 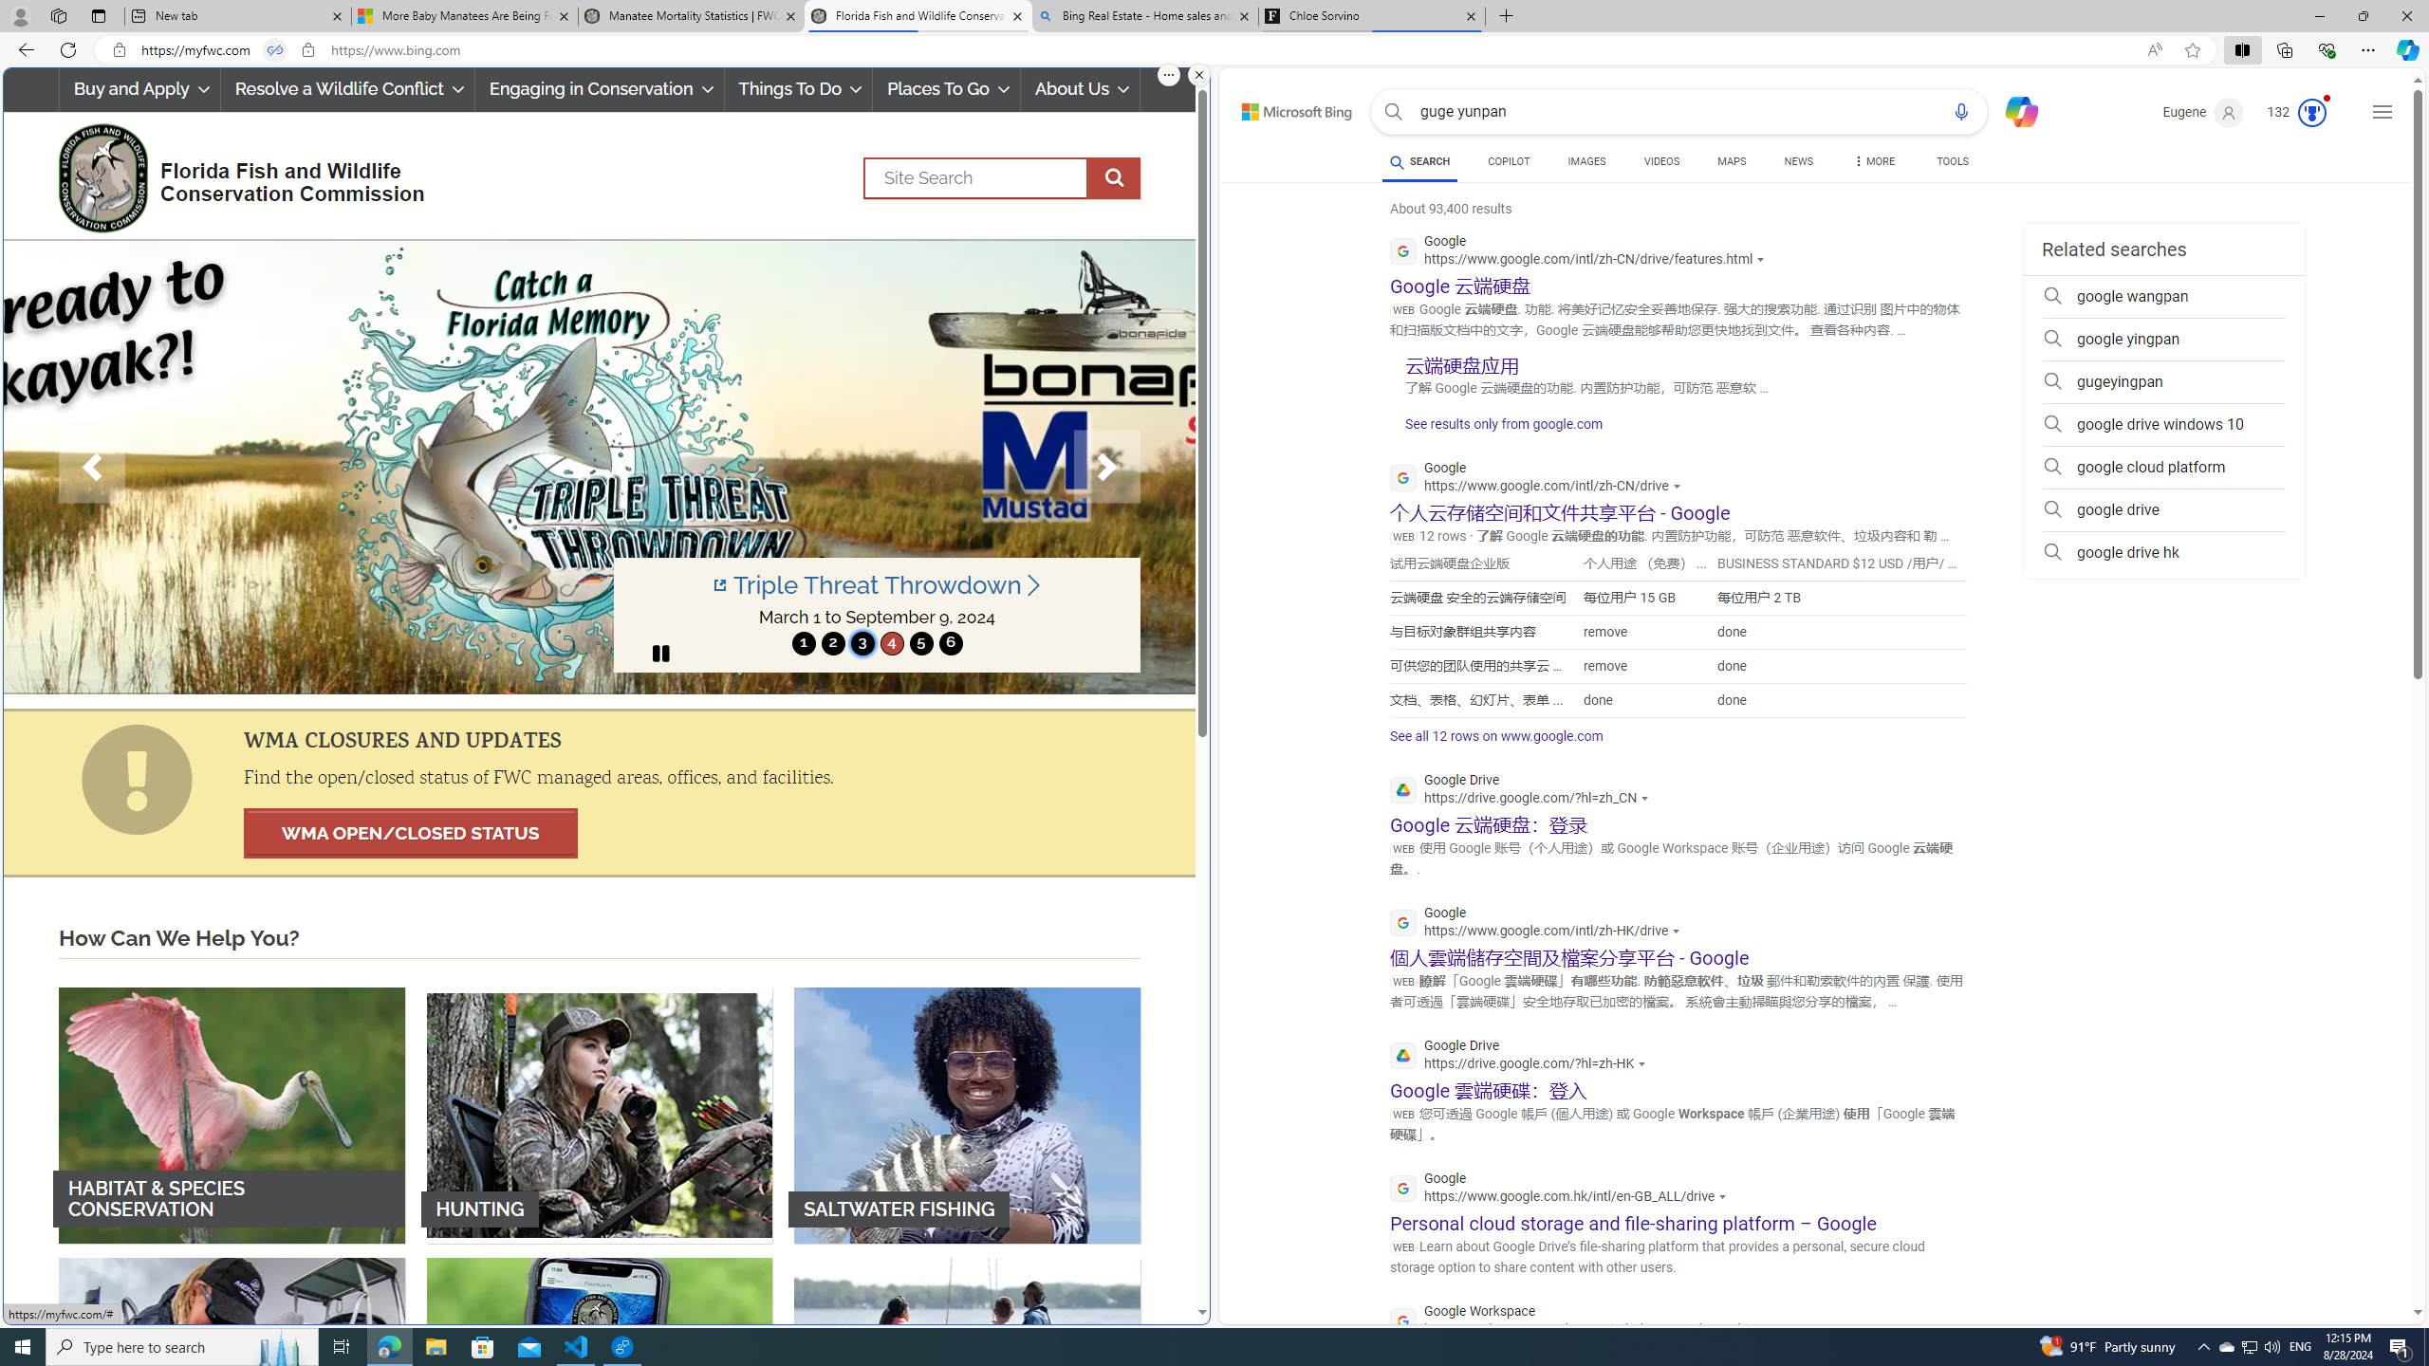 I want to click on 'move to slide 5', so click(x=920, y=642).